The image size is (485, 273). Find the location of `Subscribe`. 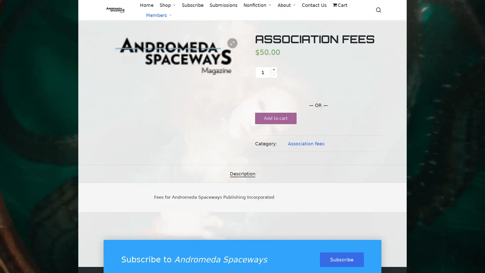

Subscribe is located at coordinates (342, 259).